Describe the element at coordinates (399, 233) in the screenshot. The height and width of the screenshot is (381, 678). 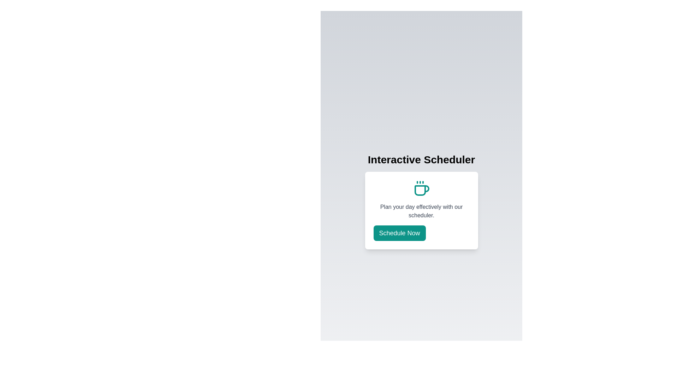
I see `the 'Schedule Now' button, which is a teal rectangular button with rounded corners and white bold text, located below the text 'Plan your day effectively with our scheduler.'` at that location.